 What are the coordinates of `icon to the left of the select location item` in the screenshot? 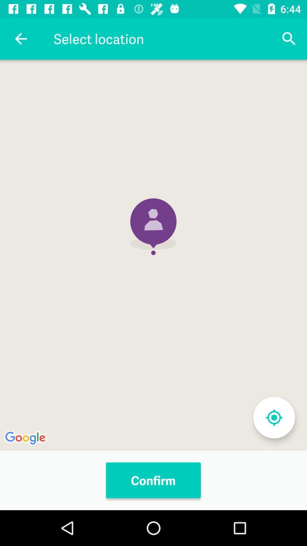 It's located at (20, 38).